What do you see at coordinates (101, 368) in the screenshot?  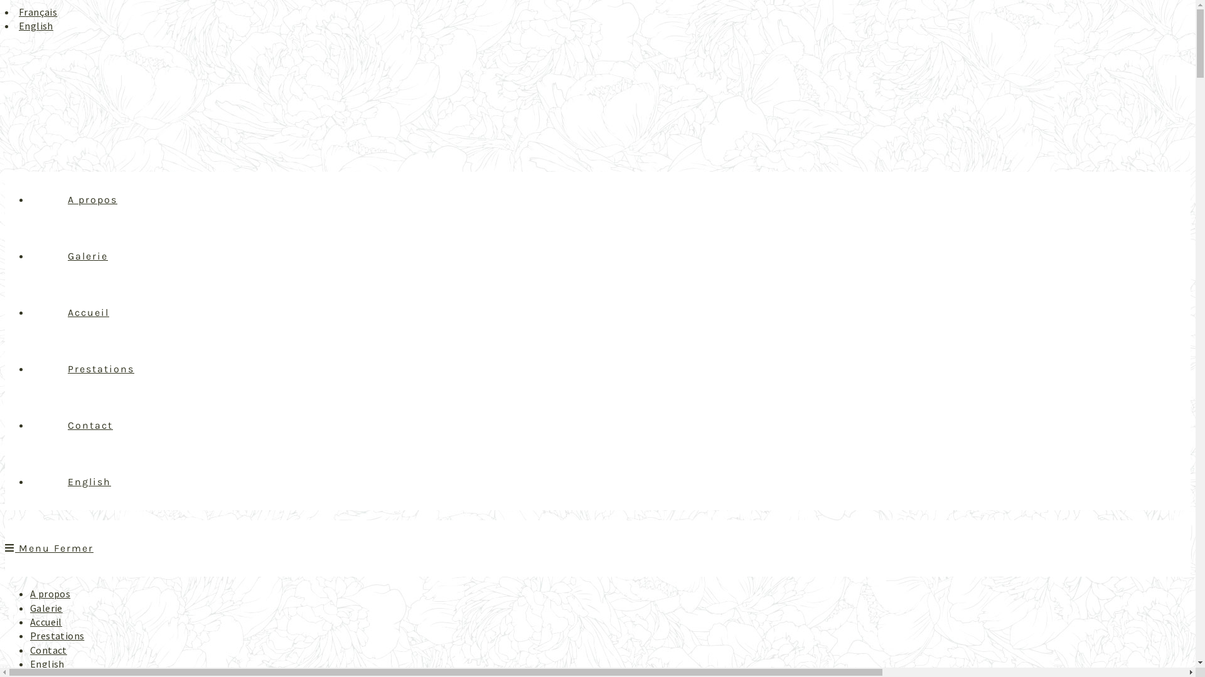 I see `'Prestations'` at bounding box center [101, 368].